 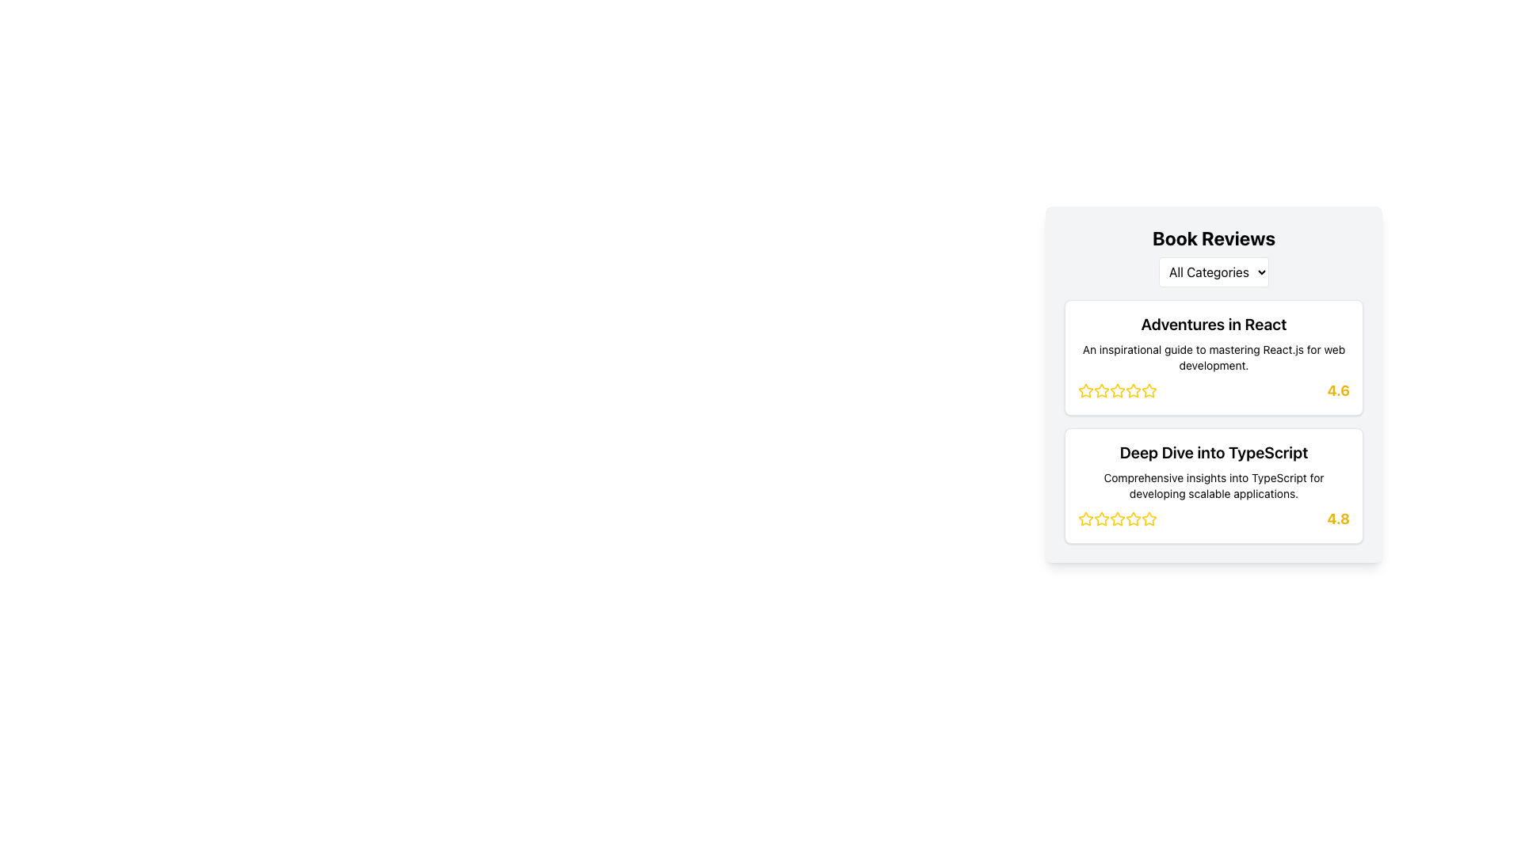 I want to click on the first star rating icon in the horizontal sequence of five stars located near the bottom left section of the 'Deep Dive into TypeScript' card, so click(x=1117, y=519).